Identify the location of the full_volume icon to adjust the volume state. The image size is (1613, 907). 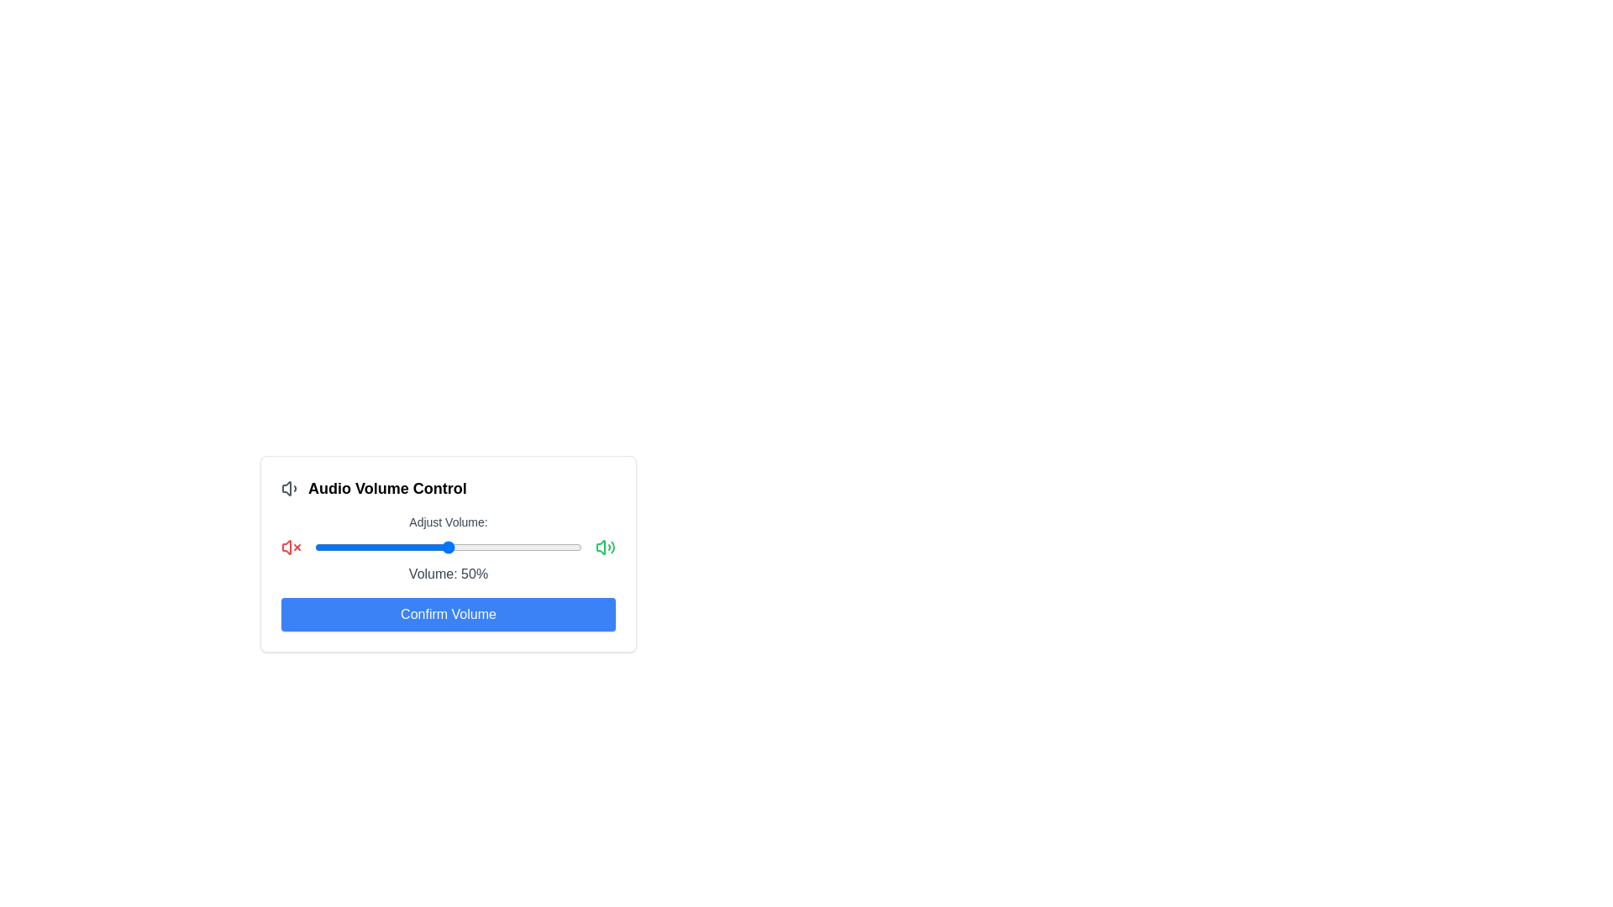
(605, 547).